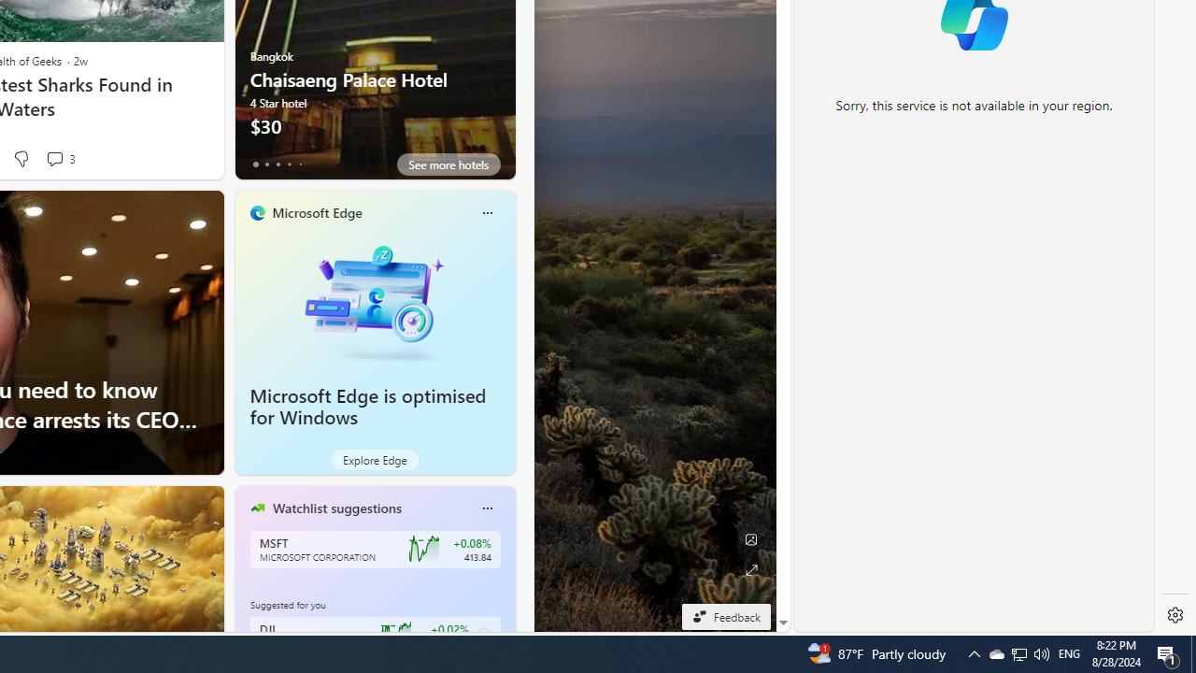 The height and width of the screenshot is (673, 1196). Describe the element at coordinates (750, 539) in the screenshot. I see `'Edit Background'` at that location.